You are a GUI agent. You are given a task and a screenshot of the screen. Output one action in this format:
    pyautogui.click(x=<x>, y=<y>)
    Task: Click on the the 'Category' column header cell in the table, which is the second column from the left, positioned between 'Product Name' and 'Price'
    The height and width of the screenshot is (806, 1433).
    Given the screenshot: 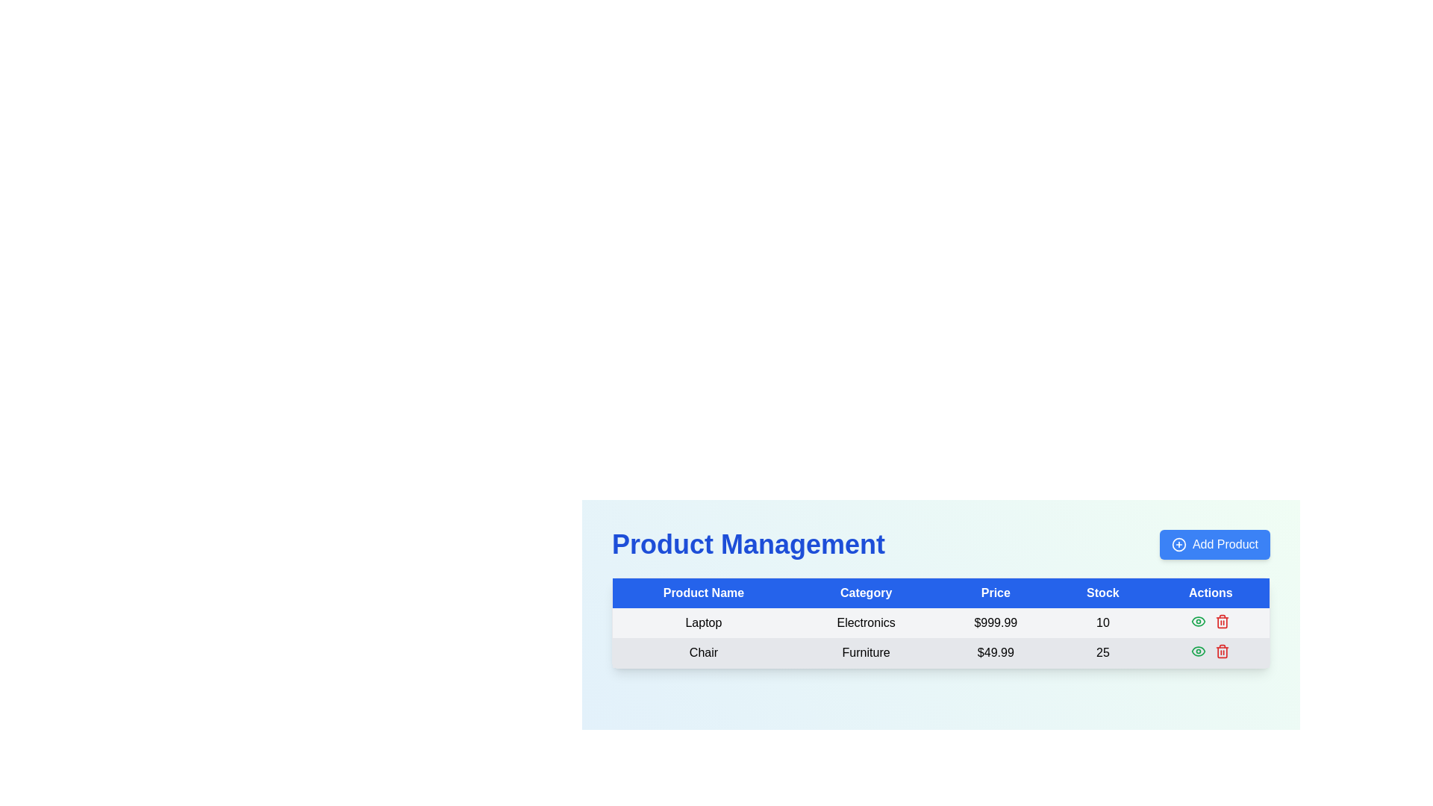 What is the action you would take?
    pyautogui.click(x=866, y=592)
    